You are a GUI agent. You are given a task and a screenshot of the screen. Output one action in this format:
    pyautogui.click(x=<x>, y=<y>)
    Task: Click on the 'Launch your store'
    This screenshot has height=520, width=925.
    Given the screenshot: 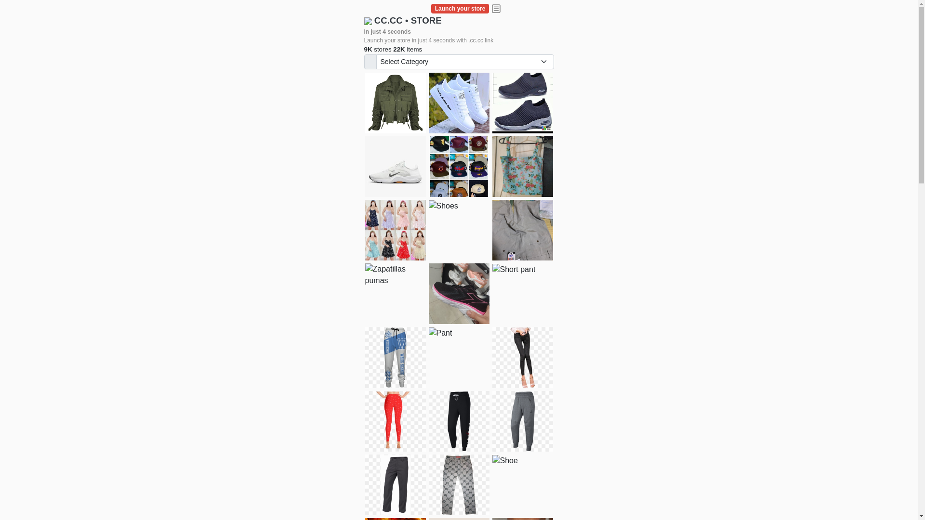 What is the action you would take?
    pyautogui.click(x=430, y=9)
    